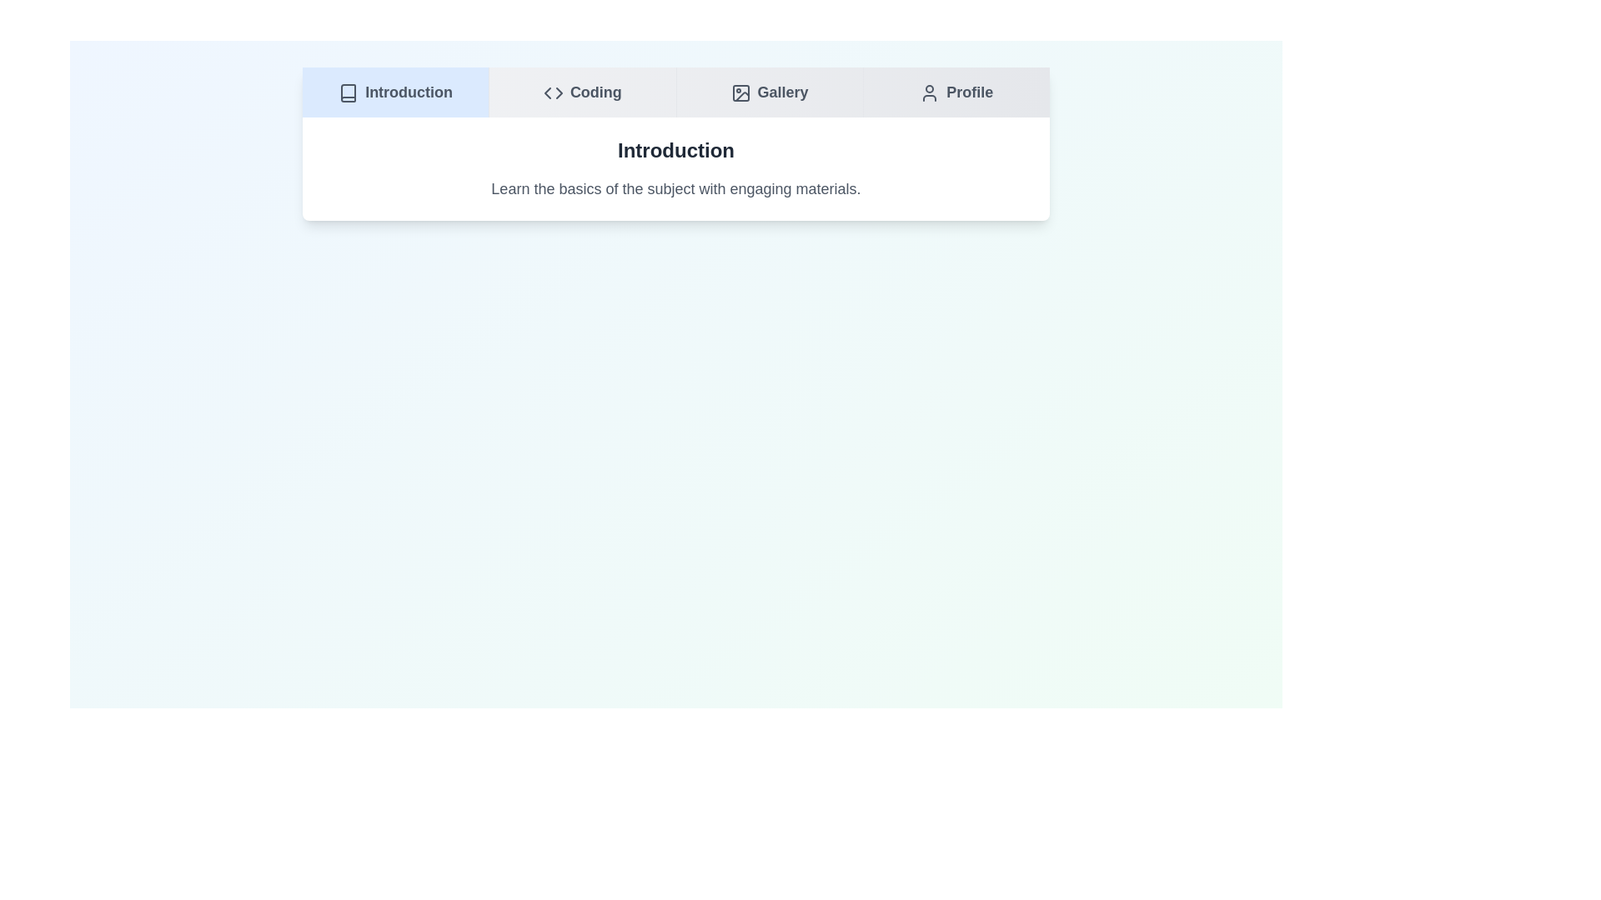 This screenshot has width=1601, height=900. I want to click on the Coding tab to navigate to it, so click(582, 92).